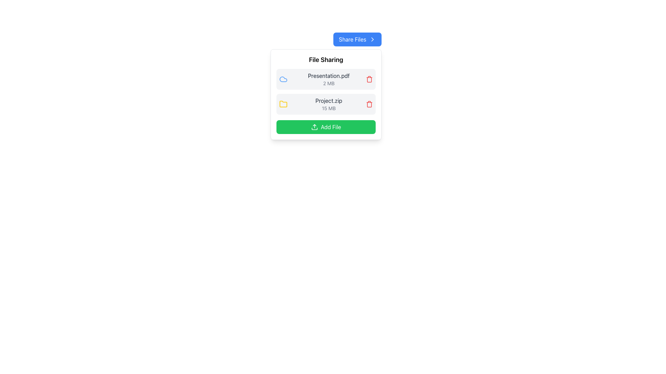  What do you see at coordinates (328, 83) in the screenshot?
I see `the non-interactive text label providing metadata about the file size, located directly below 'Presentation.pdf'` at bounding box center [328, 83].